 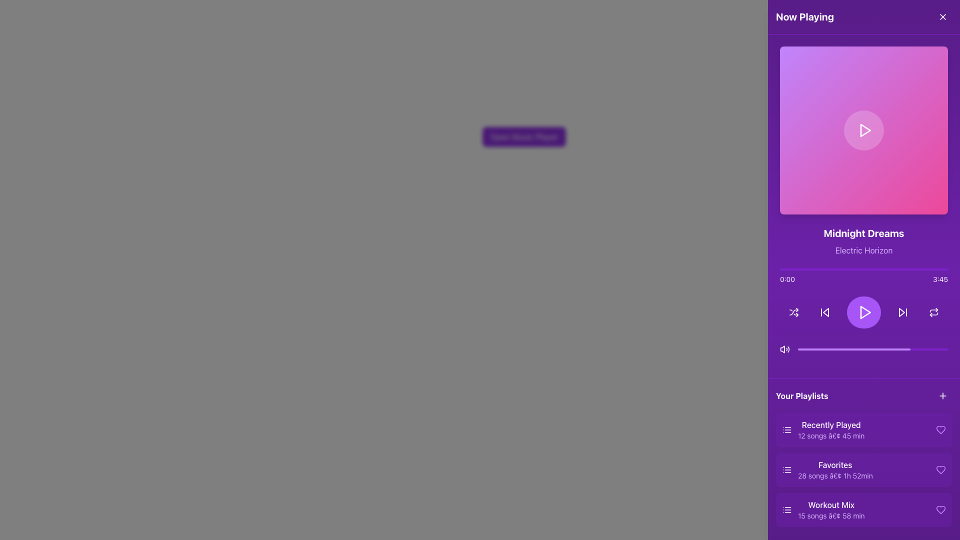 I want to click on the audio control icon located, so click(x=784, y=348).